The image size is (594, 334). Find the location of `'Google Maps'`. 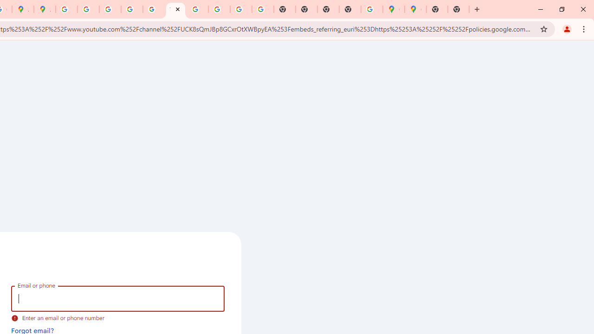

'Google Maps' is located at coordinates (394, 9).